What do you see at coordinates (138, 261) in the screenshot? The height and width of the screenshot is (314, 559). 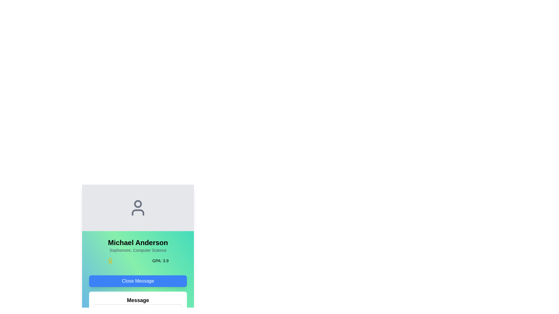 I see `the Text label displaying the Grade Point Average (GPA) of the user` at bounding box center [138, 261].